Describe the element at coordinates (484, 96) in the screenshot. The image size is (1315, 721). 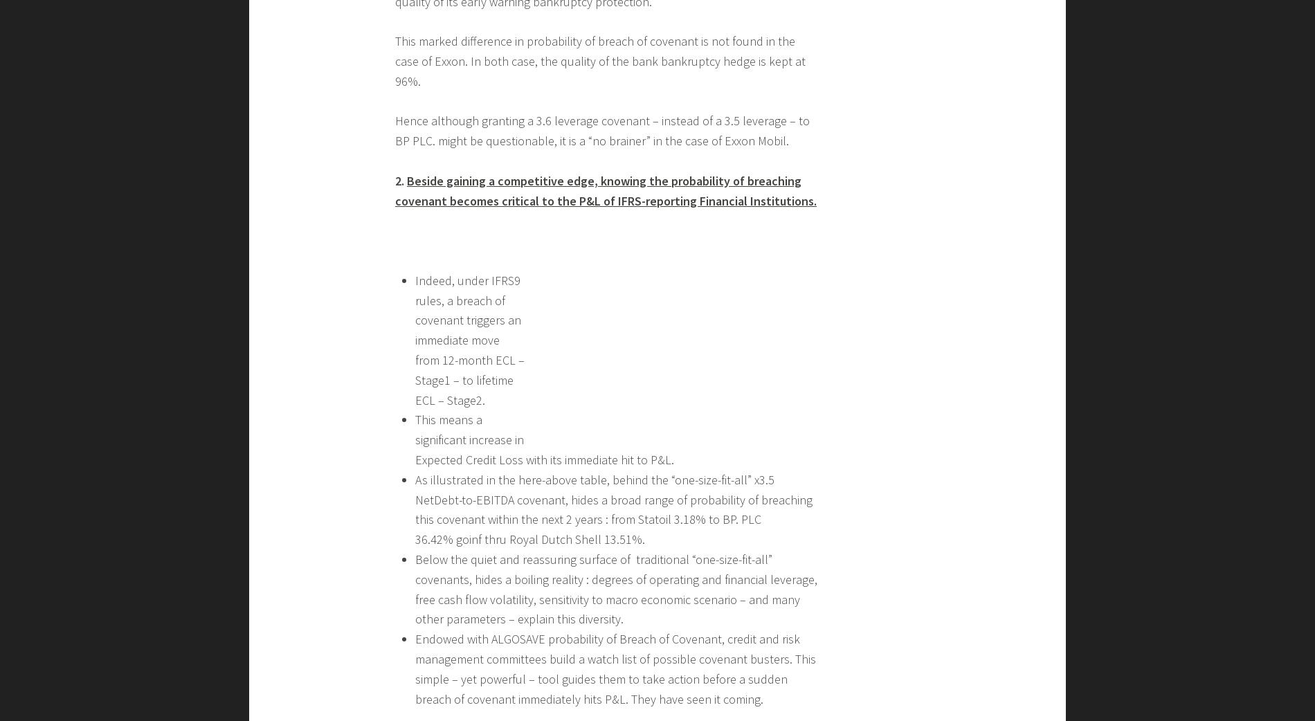
I see `'Second good piece of news :'` at that location.